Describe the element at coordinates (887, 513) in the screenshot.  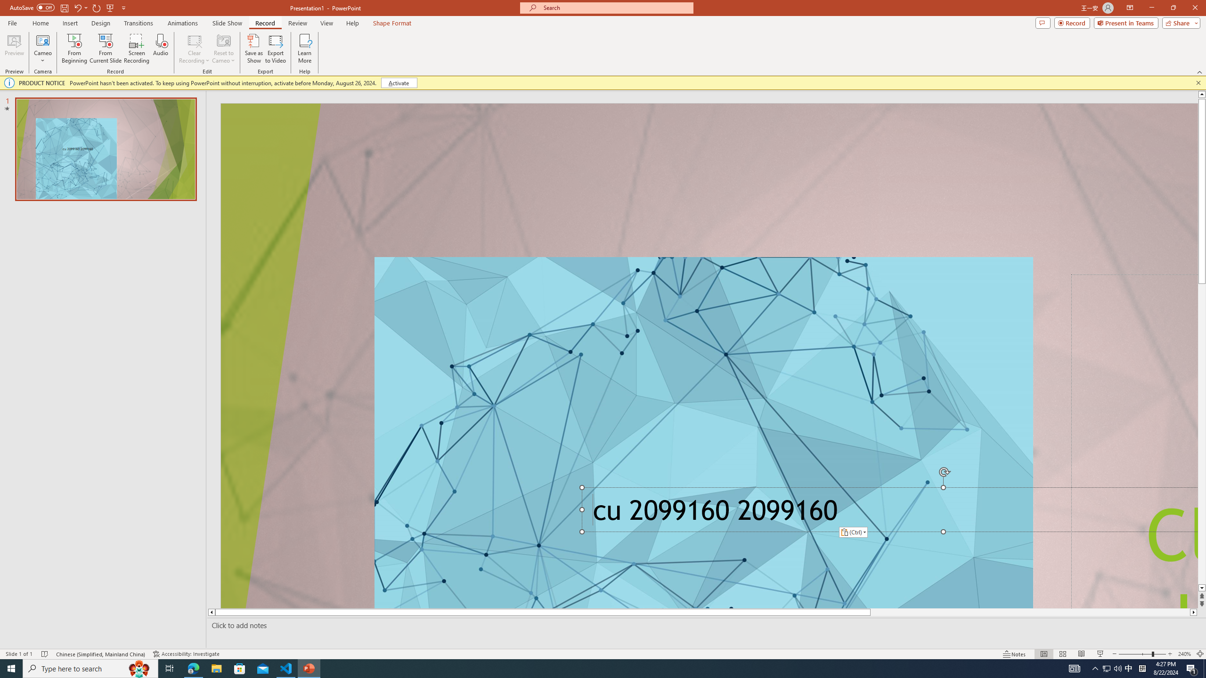
I see `'TextBox 61'` at that location.